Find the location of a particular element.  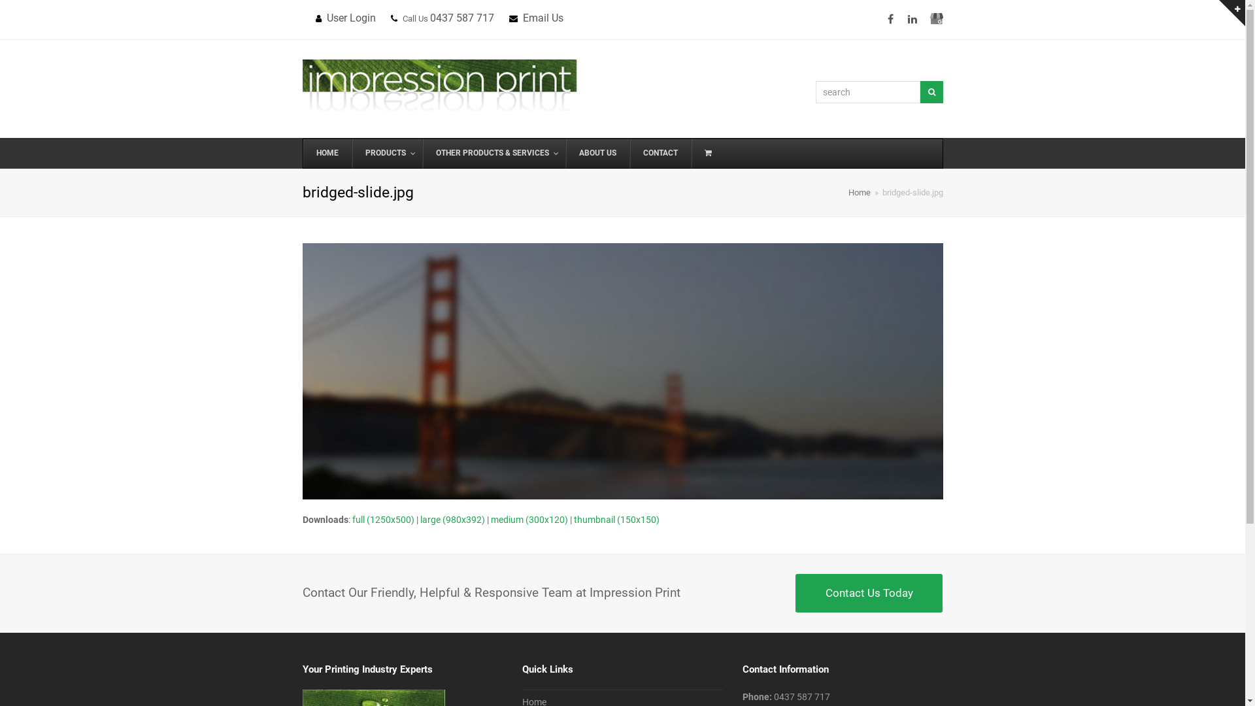

'Facebook' is located at coordinates (890, 20).